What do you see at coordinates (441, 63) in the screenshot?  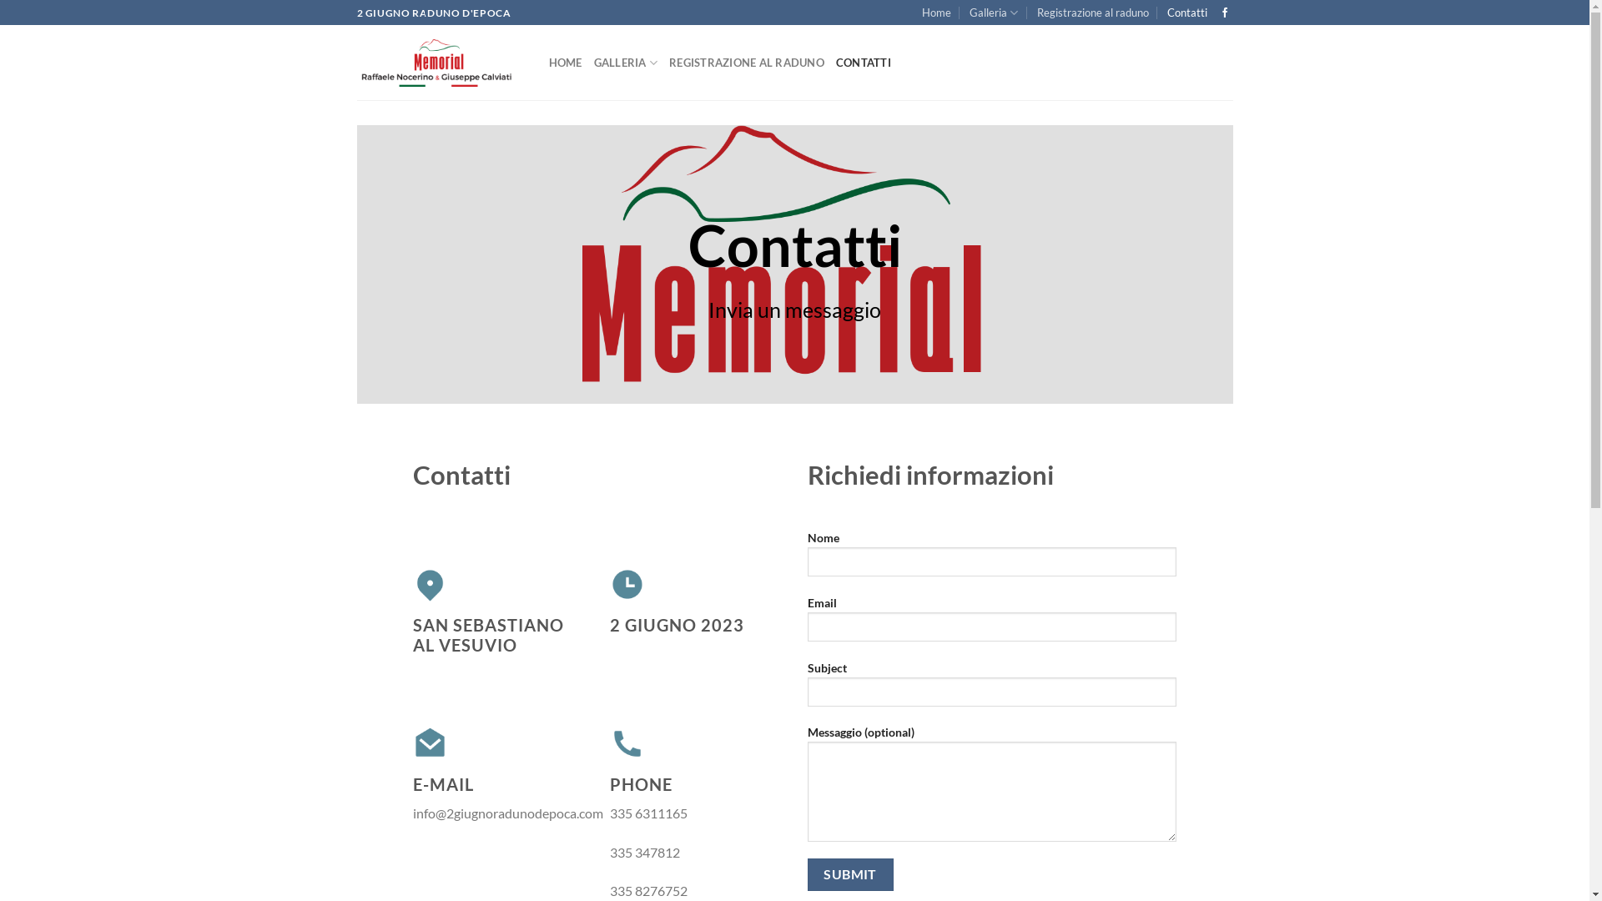 I see `'2GiugnoRadunod'Epoca'` at bounding box center [441, 63].